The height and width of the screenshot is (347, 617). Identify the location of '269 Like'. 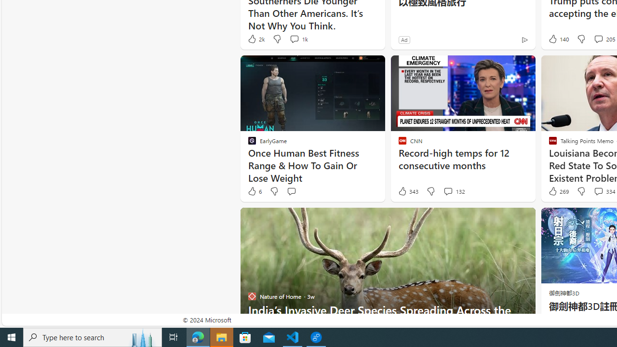
(558, 191).